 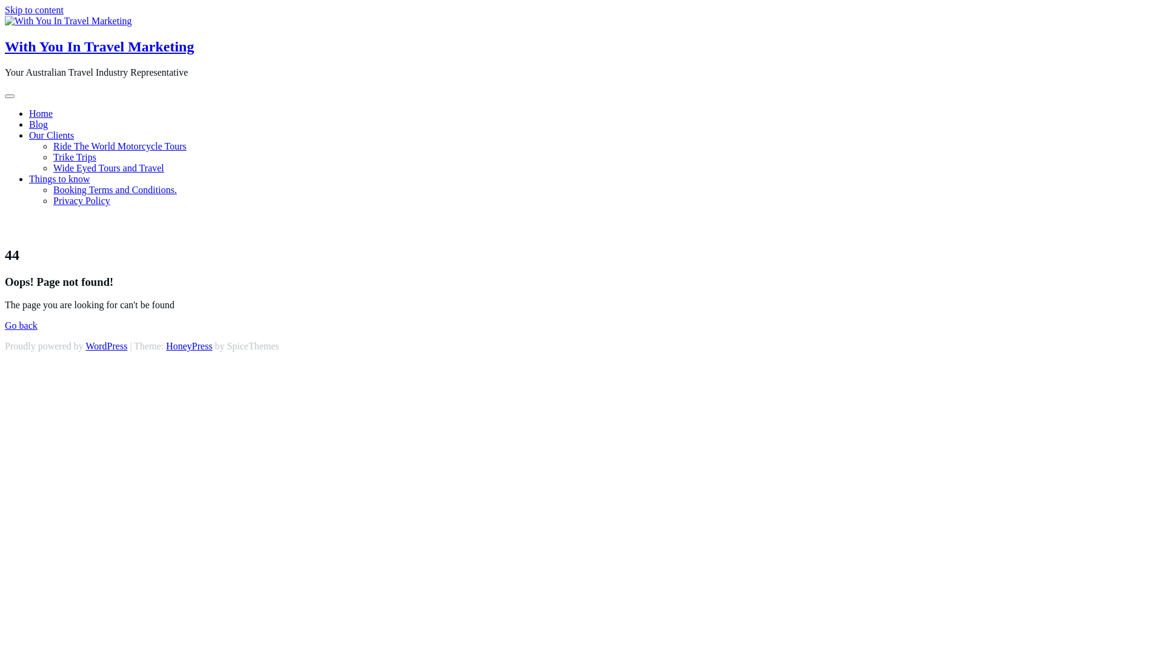 What do you see at coordinates (5, 10) in the screenshot?
I see `'Skip to content'` at bounding box center [5, 10].